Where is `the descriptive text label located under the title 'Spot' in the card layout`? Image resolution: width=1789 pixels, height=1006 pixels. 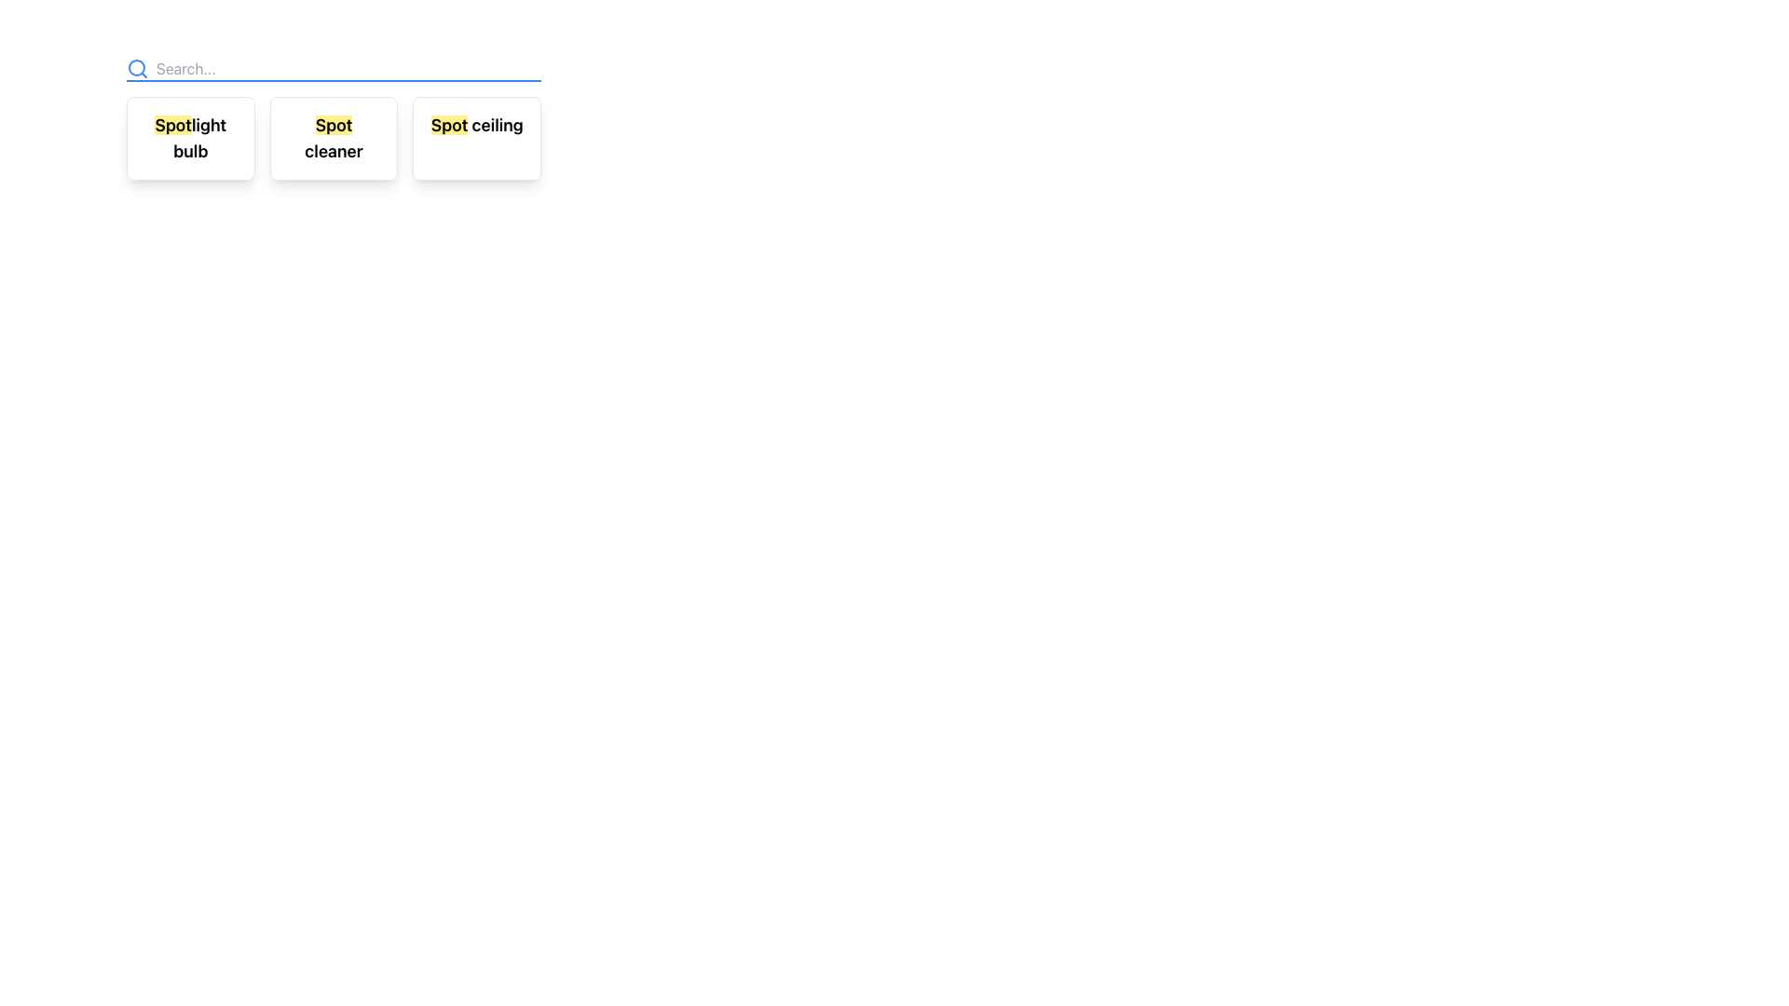 the descriptive text label located under the title 'Spot' in the card layout is located at coordinates (334, 150).